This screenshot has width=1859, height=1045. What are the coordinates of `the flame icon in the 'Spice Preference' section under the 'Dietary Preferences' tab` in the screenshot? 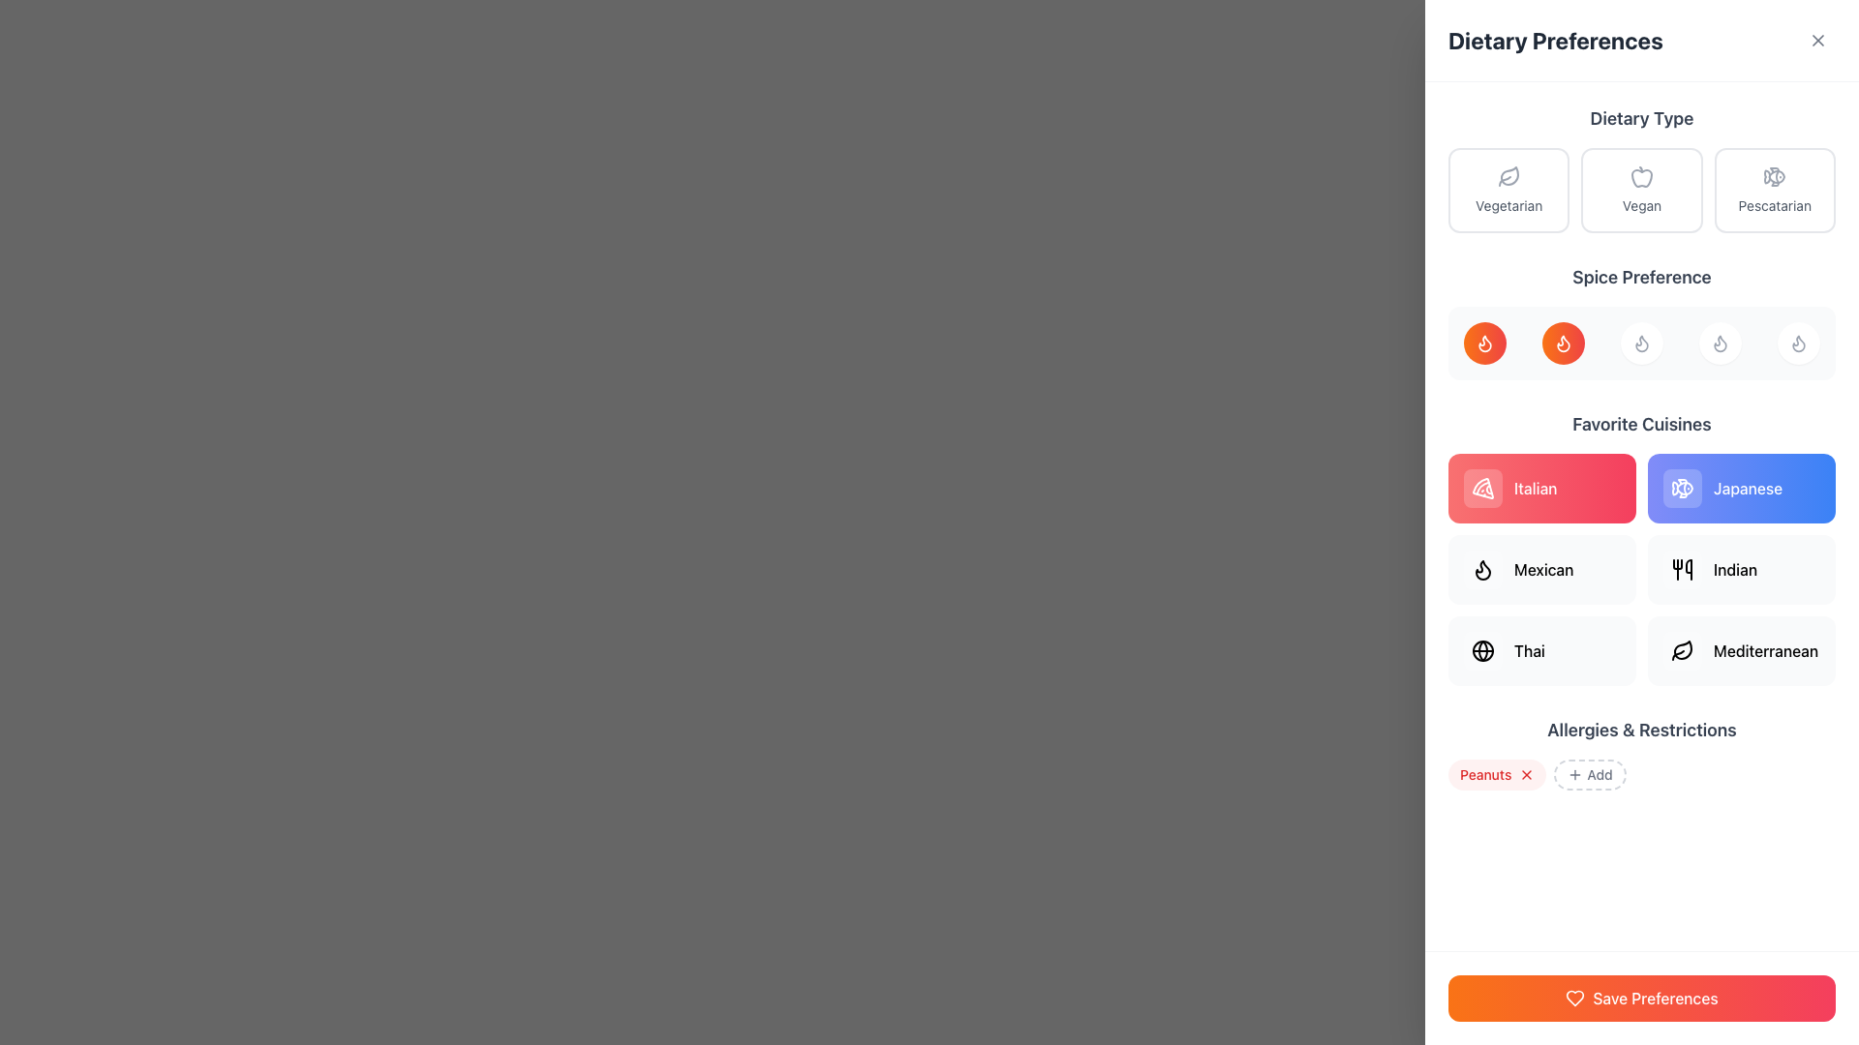 It's located at (1797, 342).